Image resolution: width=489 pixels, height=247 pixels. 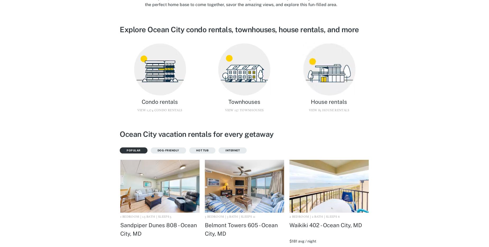 I want to click on 'Dog-friendly', so click(x=168, y=150).